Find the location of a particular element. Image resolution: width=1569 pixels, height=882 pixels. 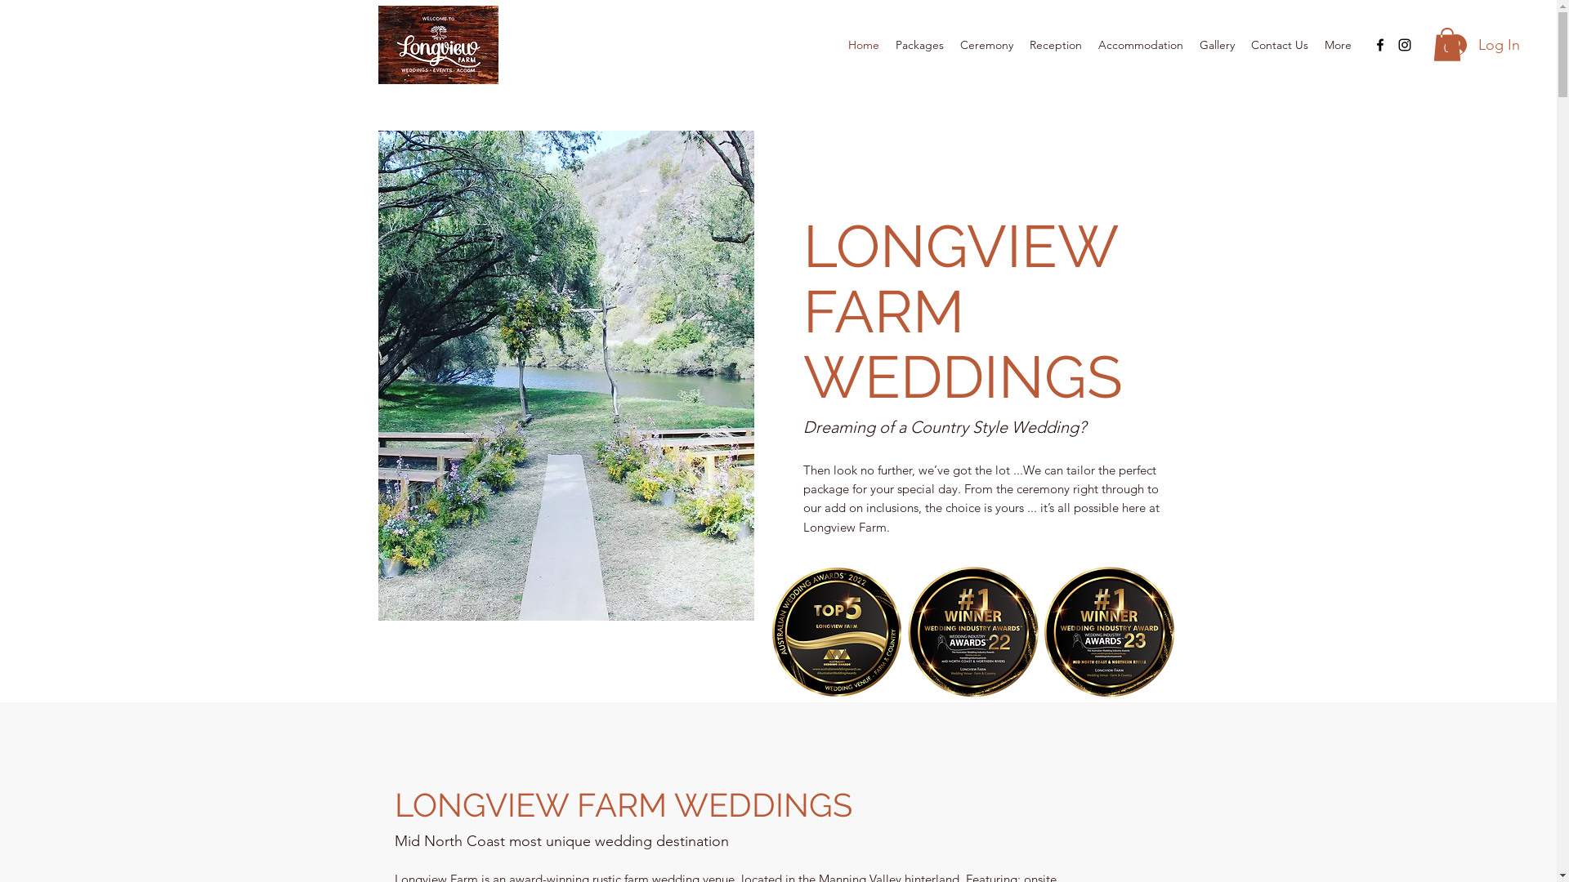

'Ceremony' is located at coordinates (986, 43).